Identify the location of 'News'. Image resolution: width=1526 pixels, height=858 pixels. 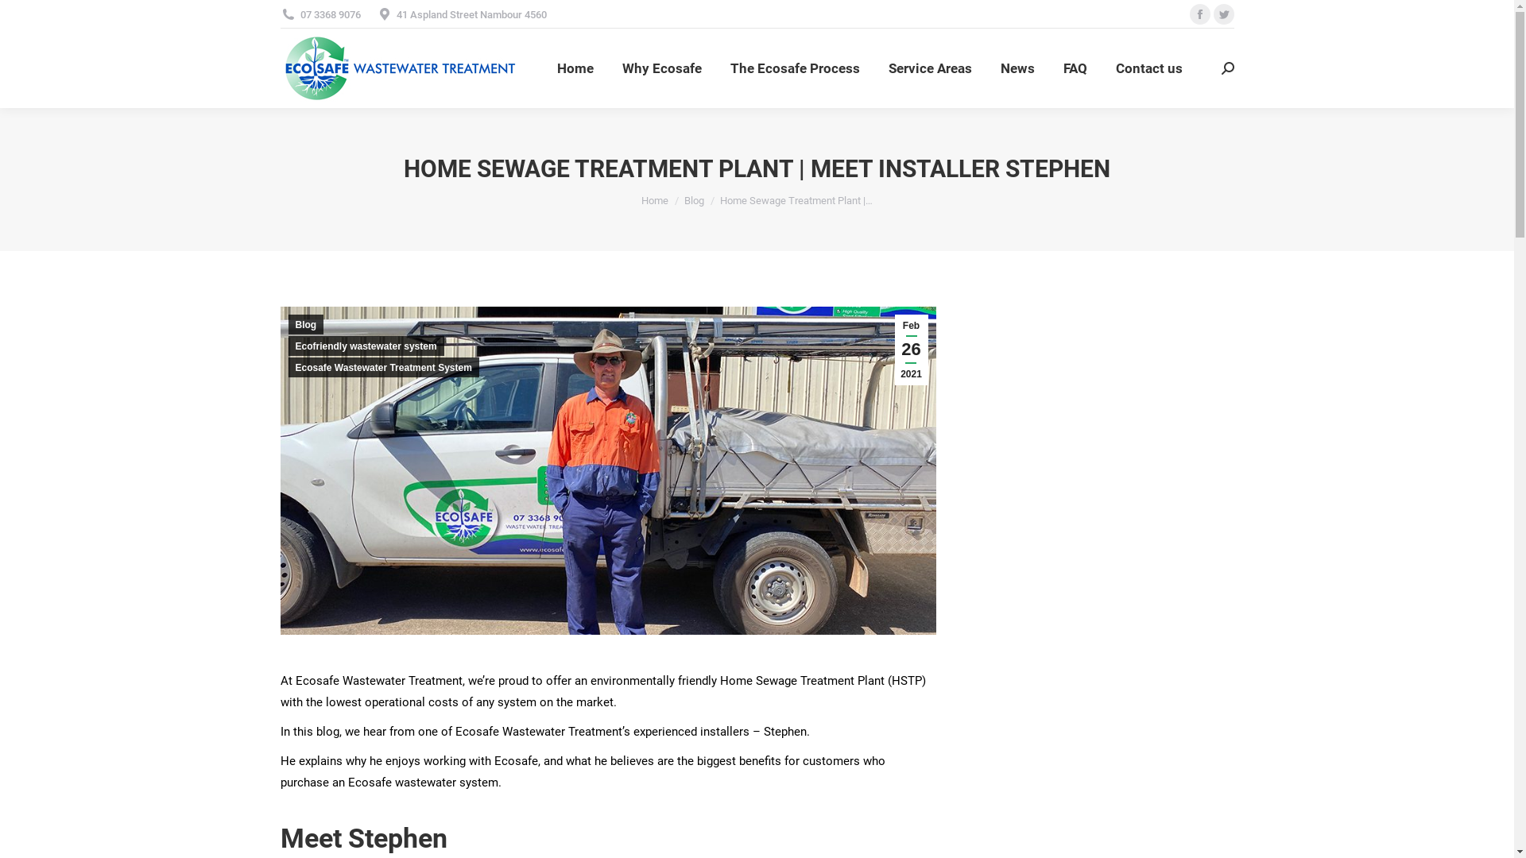
(1017, 67).